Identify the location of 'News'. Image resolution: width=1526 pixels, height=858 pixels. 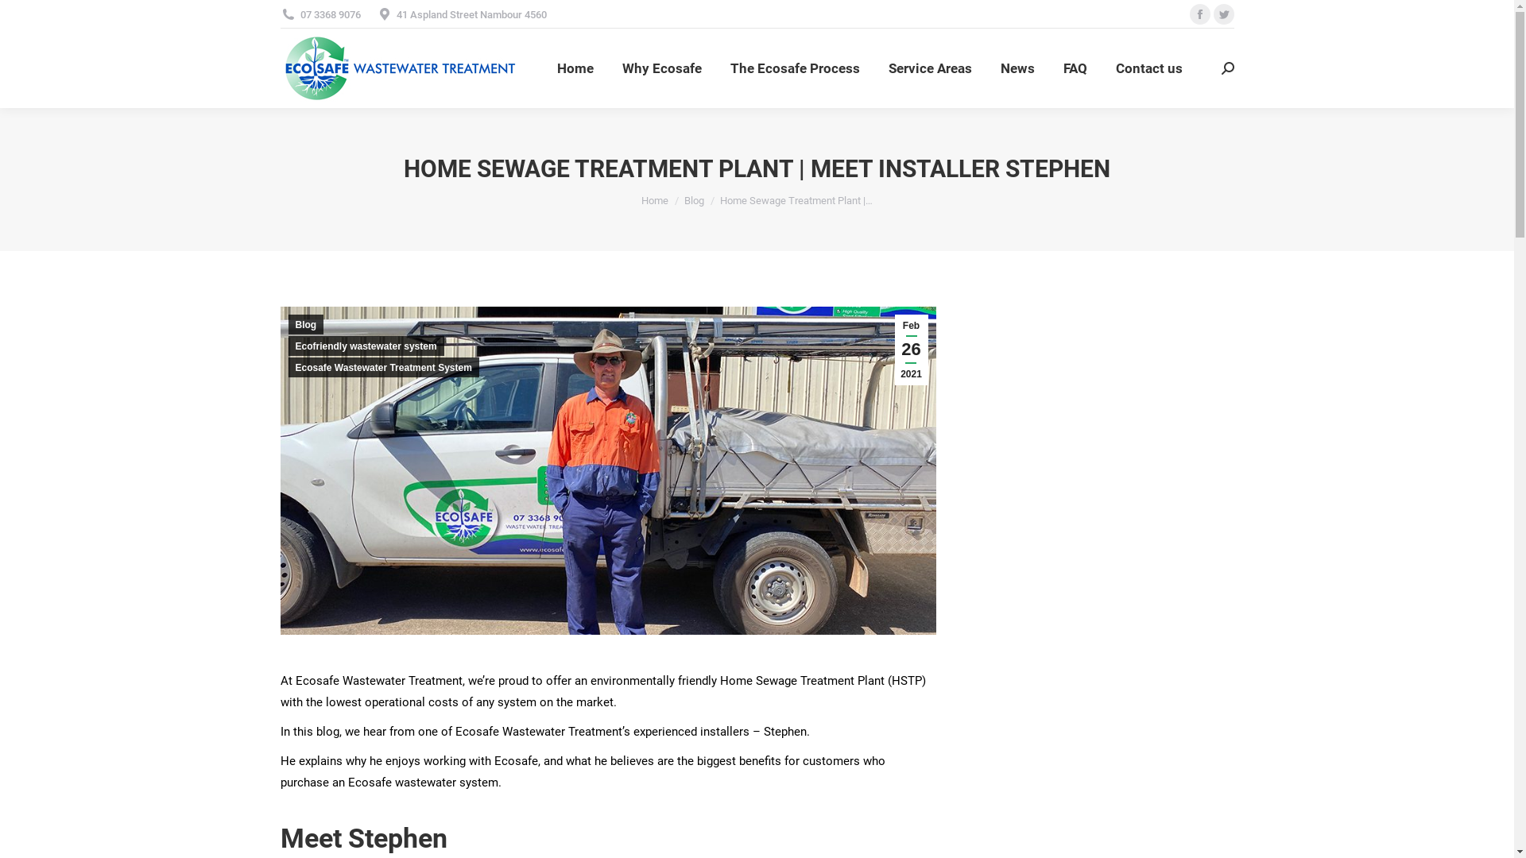
(1017, 67).